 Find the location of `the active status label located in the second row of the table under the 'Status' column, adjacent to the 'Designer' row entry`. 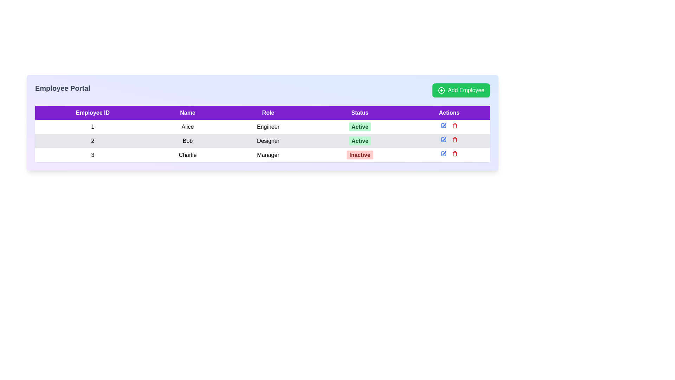

the active status label located in the second row of the table under the 'Status' column, adjacent to the 'Designer' row entry is located at coordinates (360, 141).